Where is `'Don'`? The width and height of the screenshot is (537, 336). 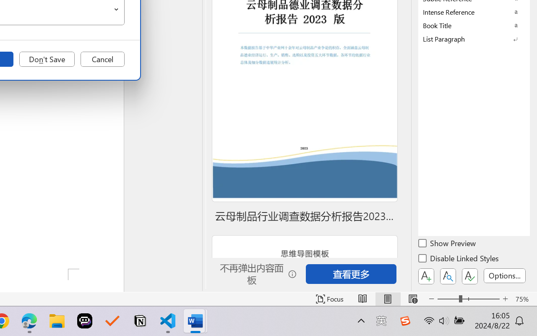
'Don' is located at coordinates (47, 59).